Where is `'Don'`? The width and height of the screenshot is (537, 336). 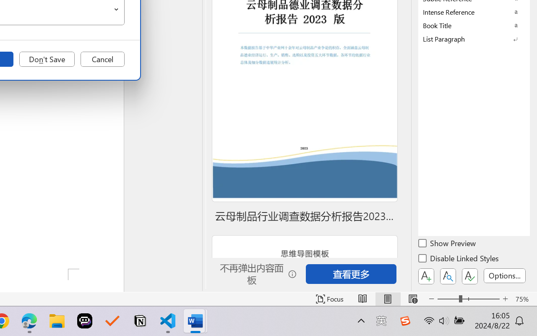
'Don' is located at coordinates (47, 59).